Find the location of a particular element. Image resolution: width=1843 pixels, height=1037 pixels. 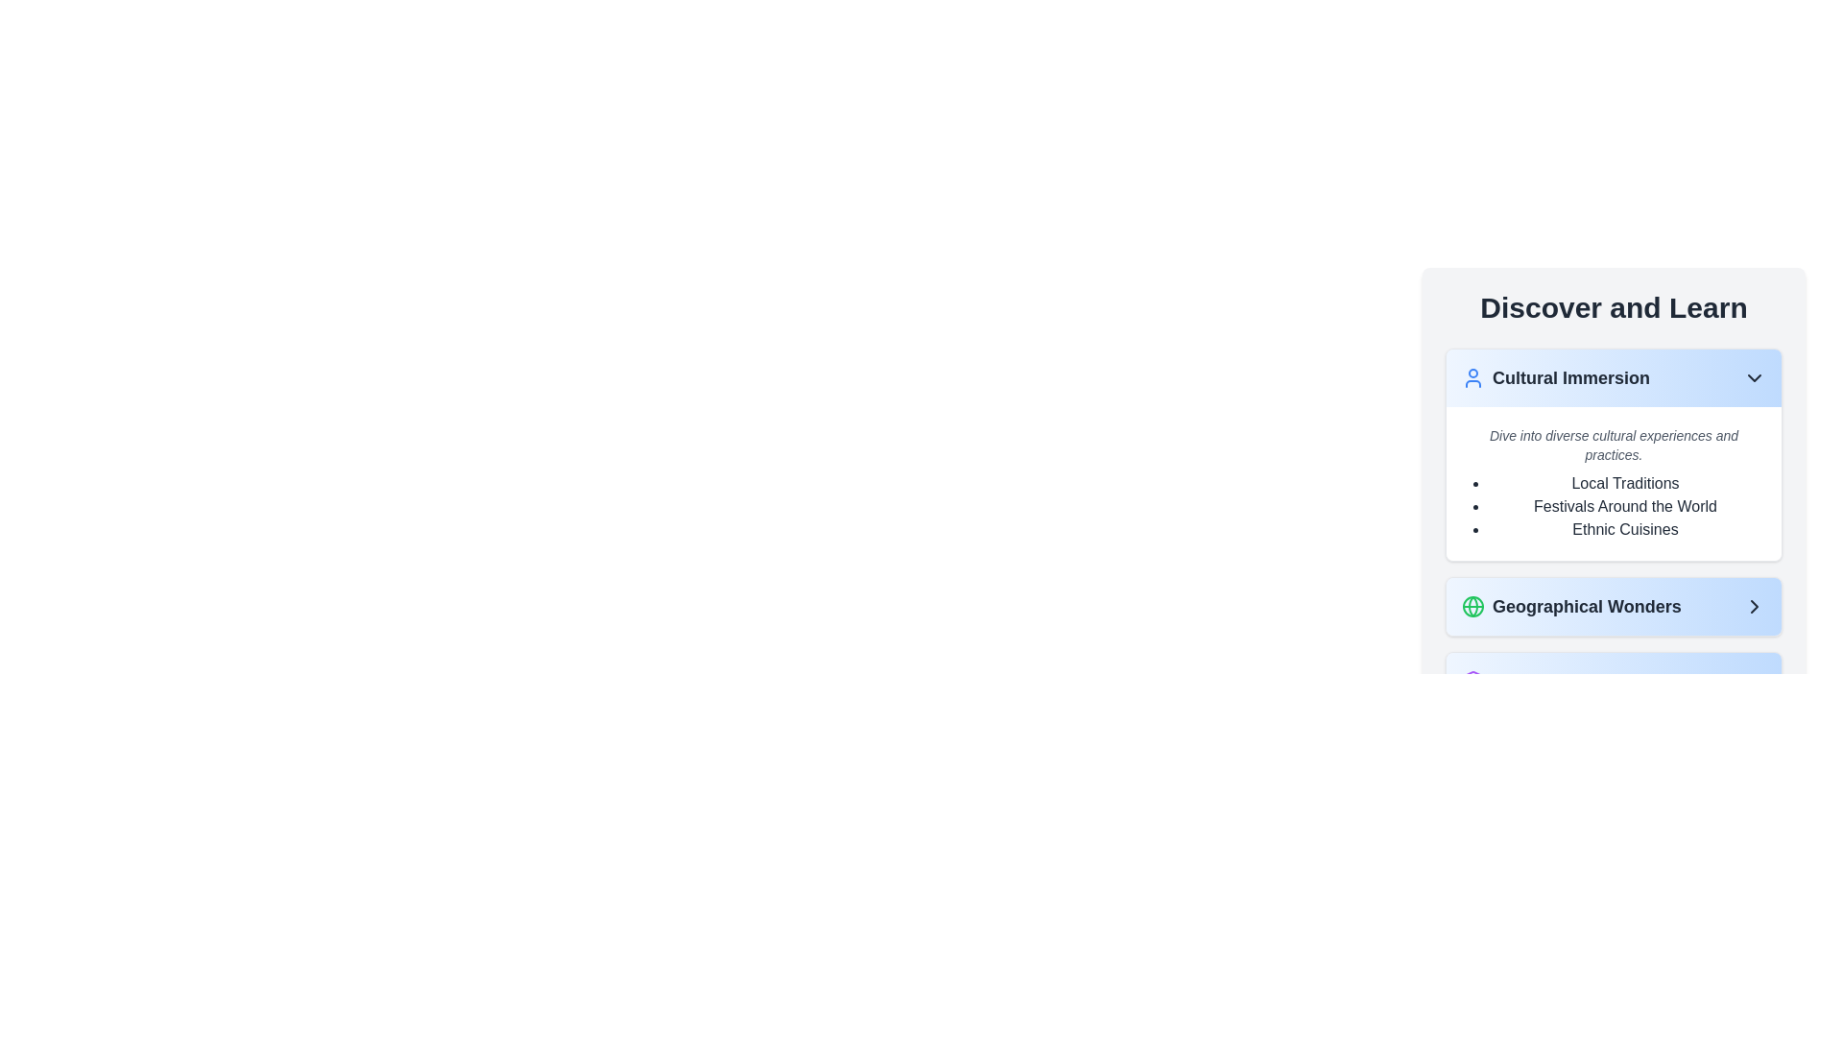

the rightward-pointing chevron arrow located on the far right of the 'Geographical Wonders' section in the 'Discover and Learn' interface is located at coordinates (1755, 680).